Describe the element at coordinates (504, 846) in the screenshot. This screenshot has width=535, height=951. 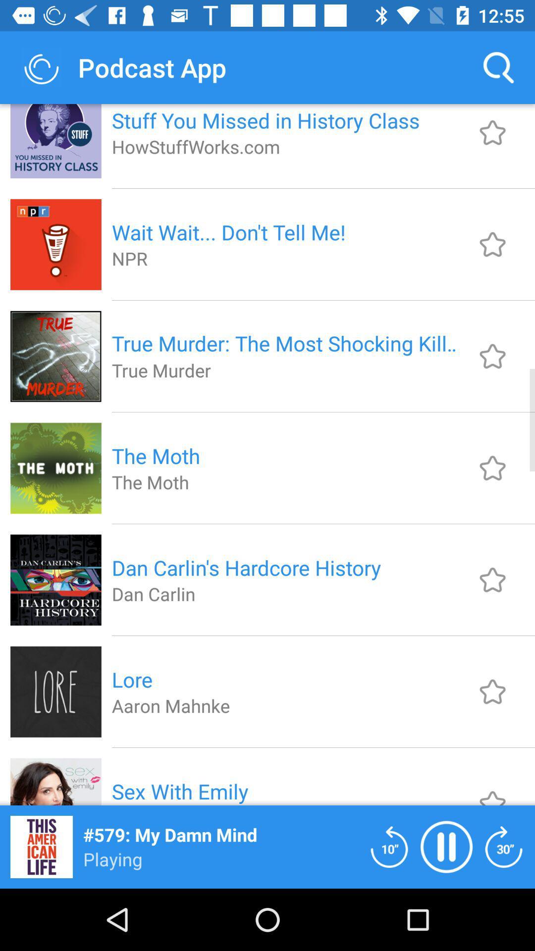
I see `fast forward` at that location.